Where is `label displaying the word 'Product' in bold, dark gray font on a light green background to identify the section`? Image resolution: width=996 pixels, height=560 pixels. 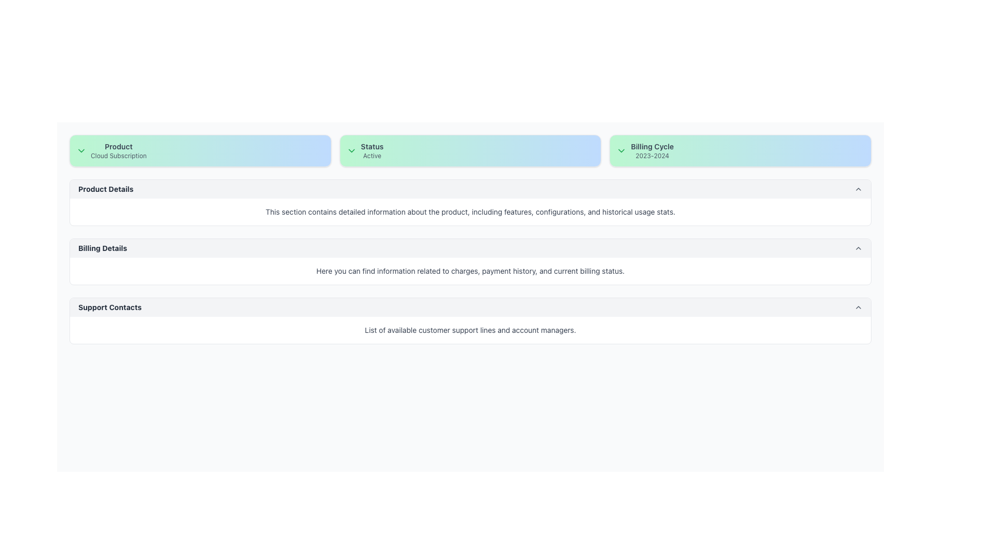 label displaying the word 'Product' in bold, dark gray font on a light green background to identify the section is located at coordinates (118, 146).